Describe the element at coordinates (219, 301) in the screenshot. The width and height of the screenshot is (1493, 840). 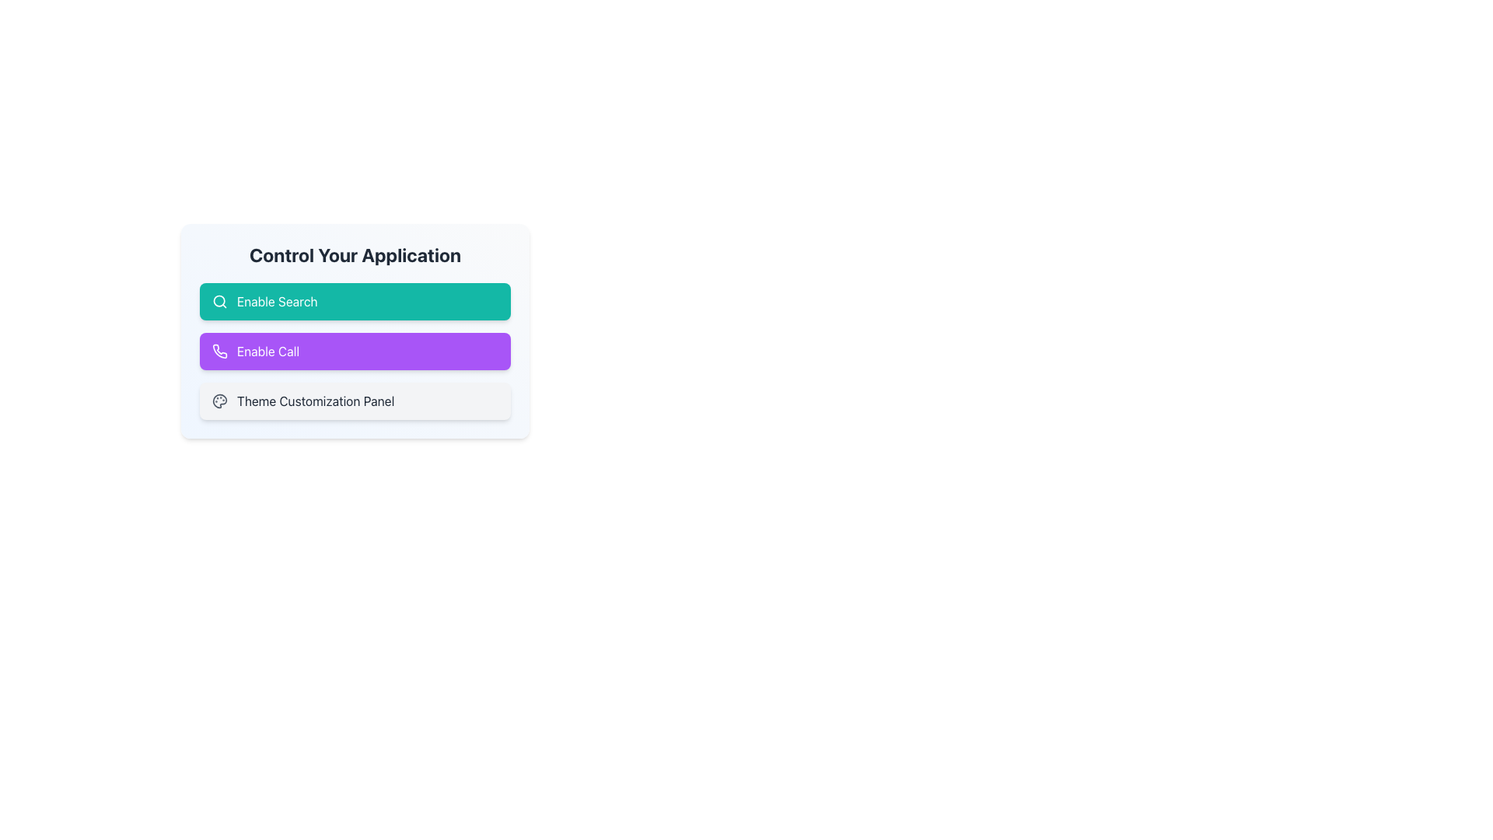
I see `the circular SVG graphic element of the magnifying glass icon, which represents the search functionality and is positioned to the left of the 'Enable Search' button` at that location.